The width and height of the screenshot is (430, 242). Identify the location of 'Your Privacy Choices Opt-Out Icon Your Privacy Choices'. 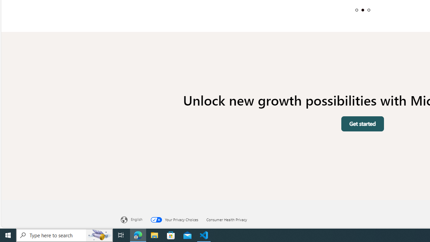
(178, 219).